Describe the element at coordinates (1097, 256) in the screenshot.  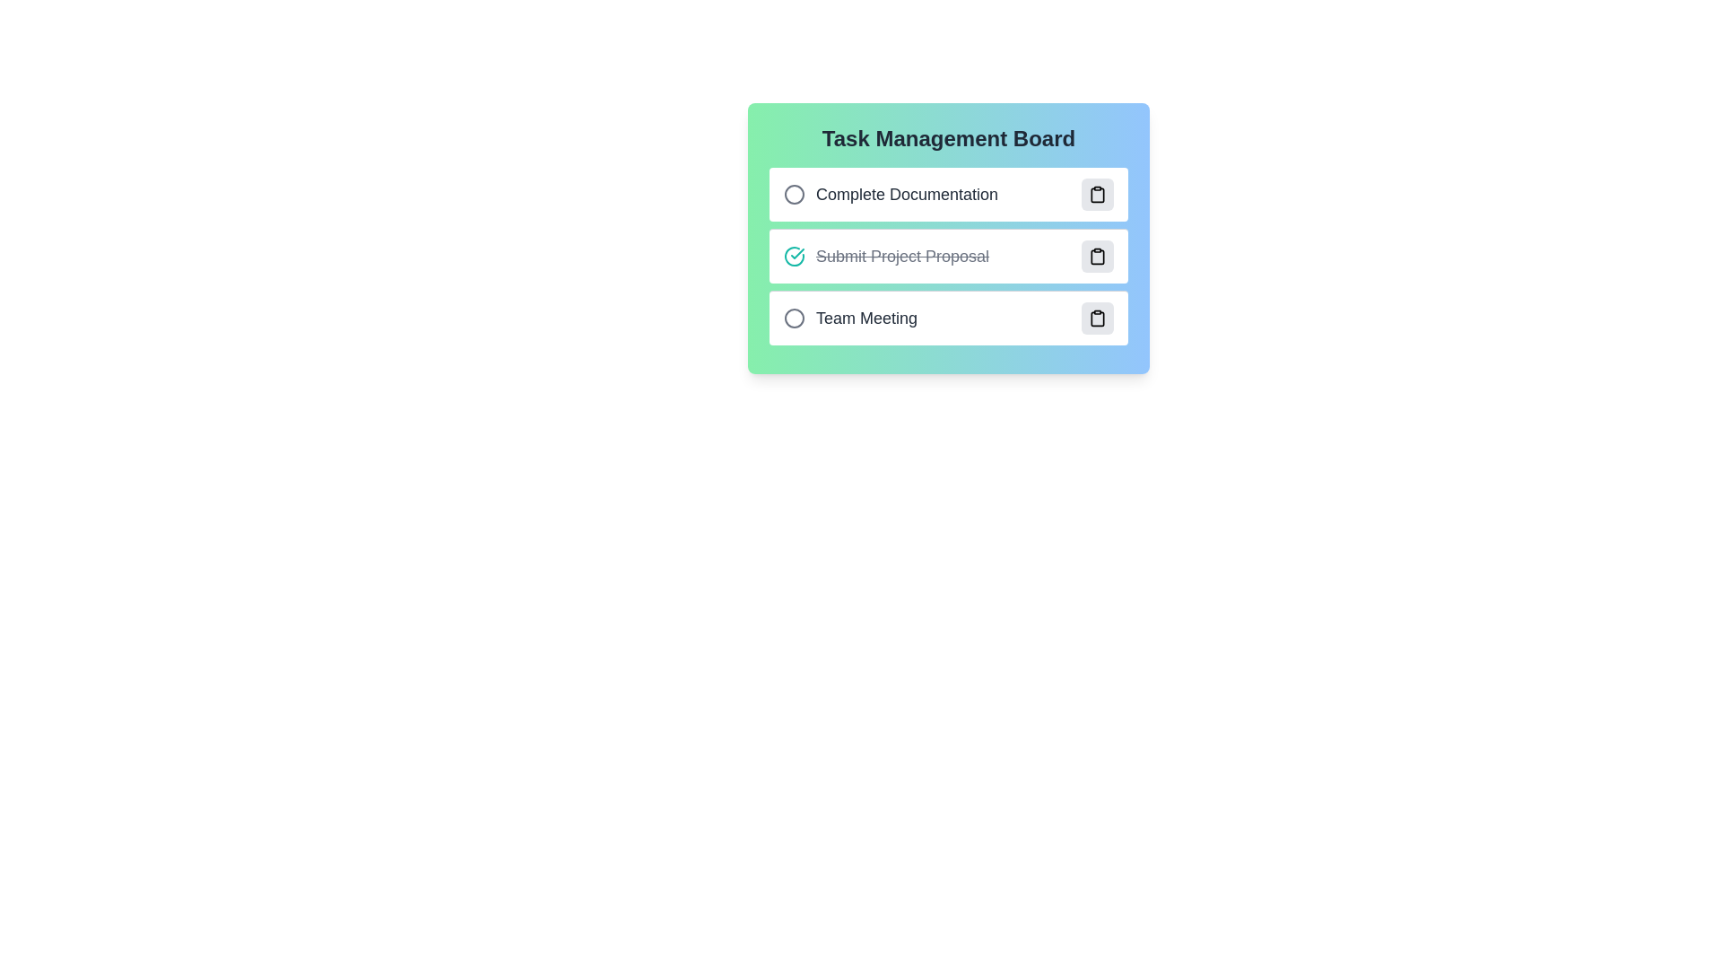
I see `action button associated with the task titled 'Submit Project Proposal' to toggle its completion status` at that location.